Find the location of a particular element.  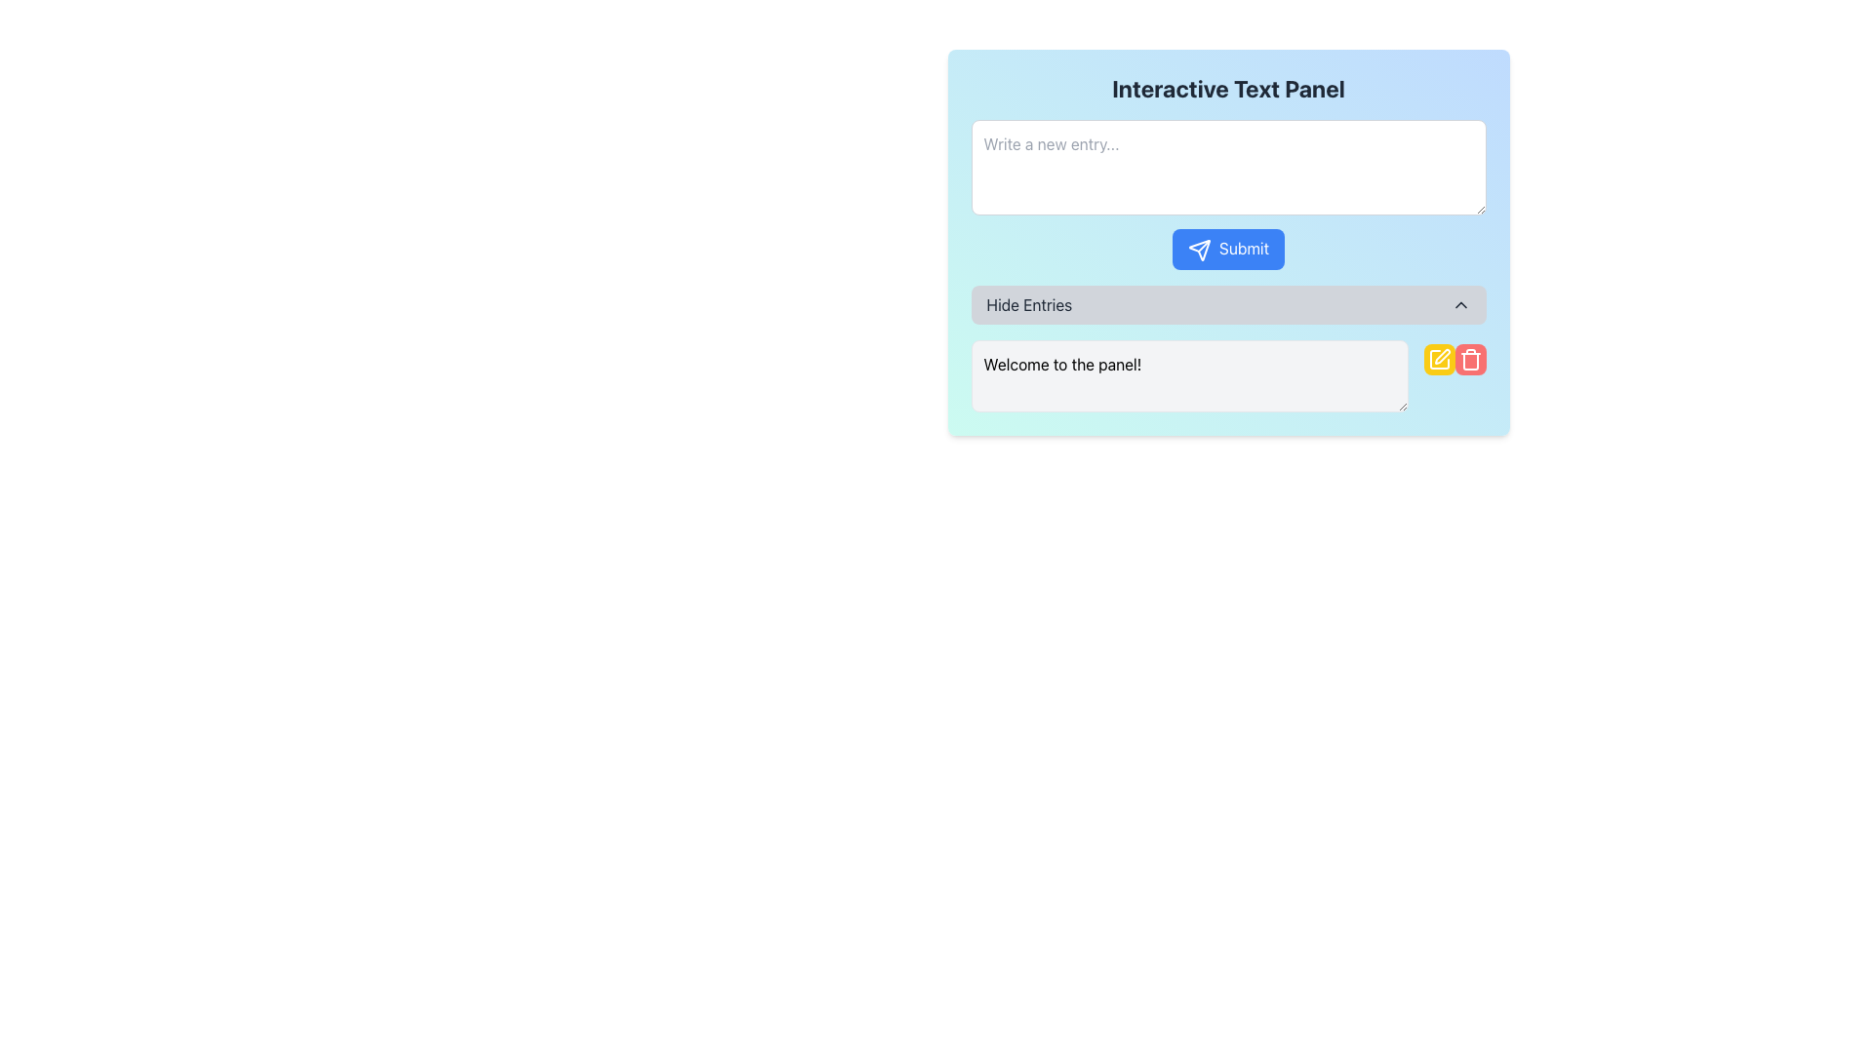

the red button with rounded corners and a trash can icon located at the bottom-right corner of the section containing text entries is located at coordinates (1470, 359).